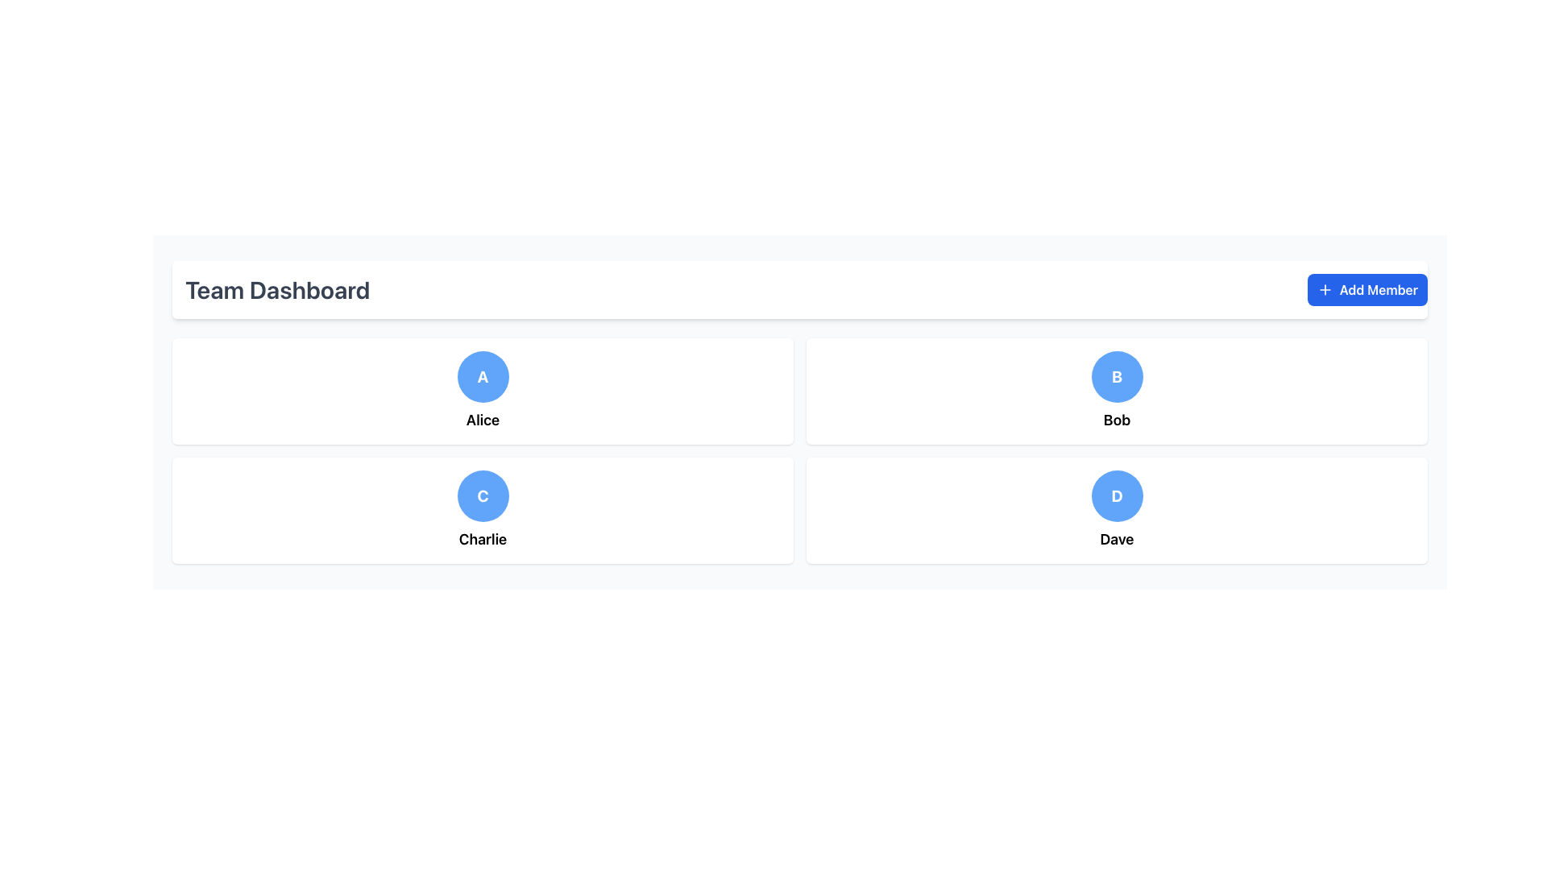 The image size is (1547, 870). Describe the element at coordinates (1116, 376) in the screenshot. I see `the circular badge with a bright blue background and white text displaying 'B', which is located within the card labeled 'Bob' in the second column of the first row` at that location.